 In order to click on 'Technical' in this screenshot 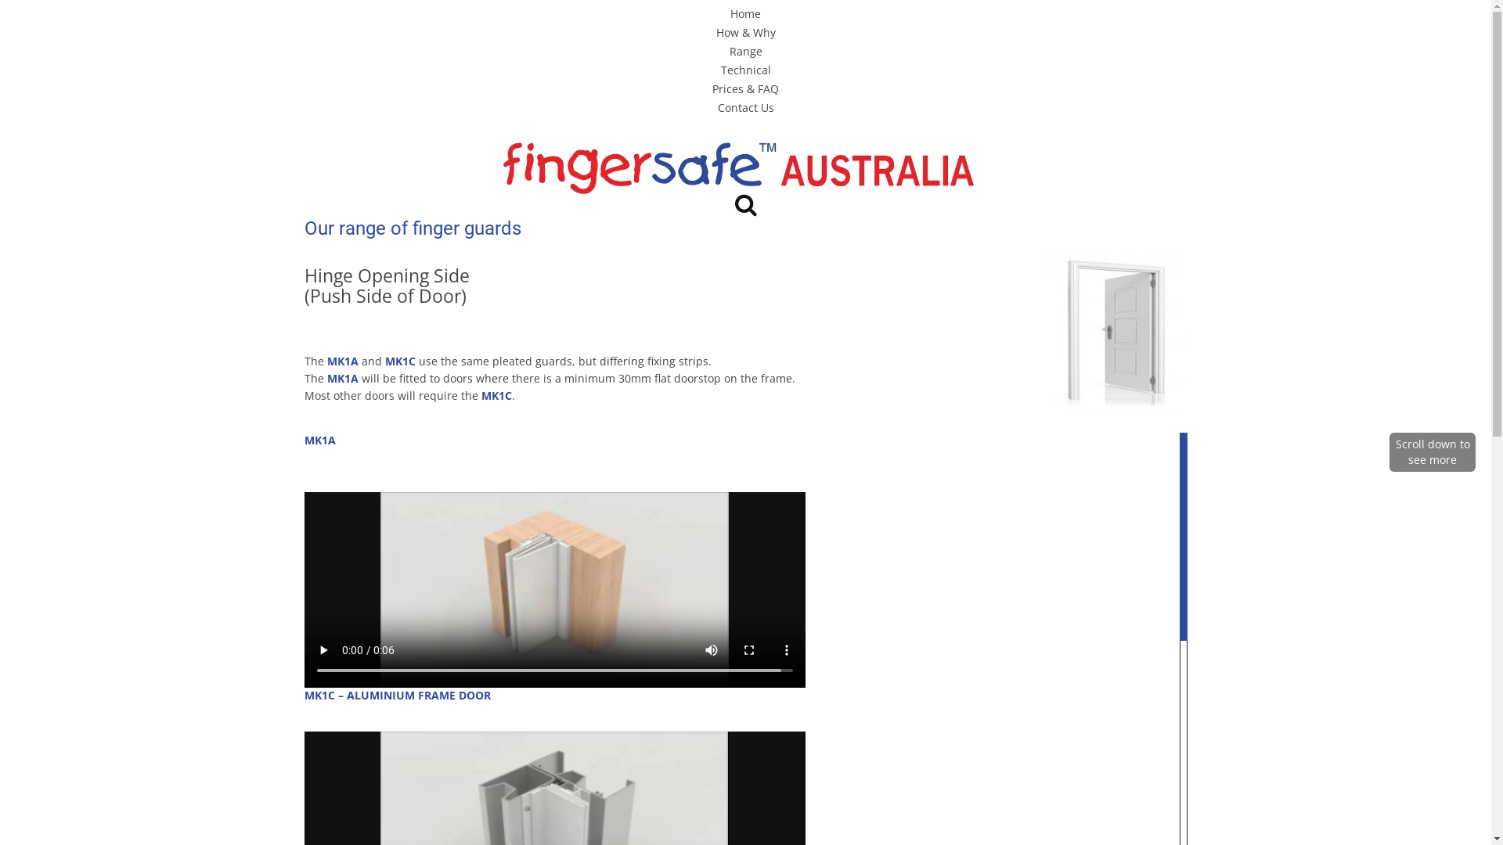, I will do `click(744, 69)`.